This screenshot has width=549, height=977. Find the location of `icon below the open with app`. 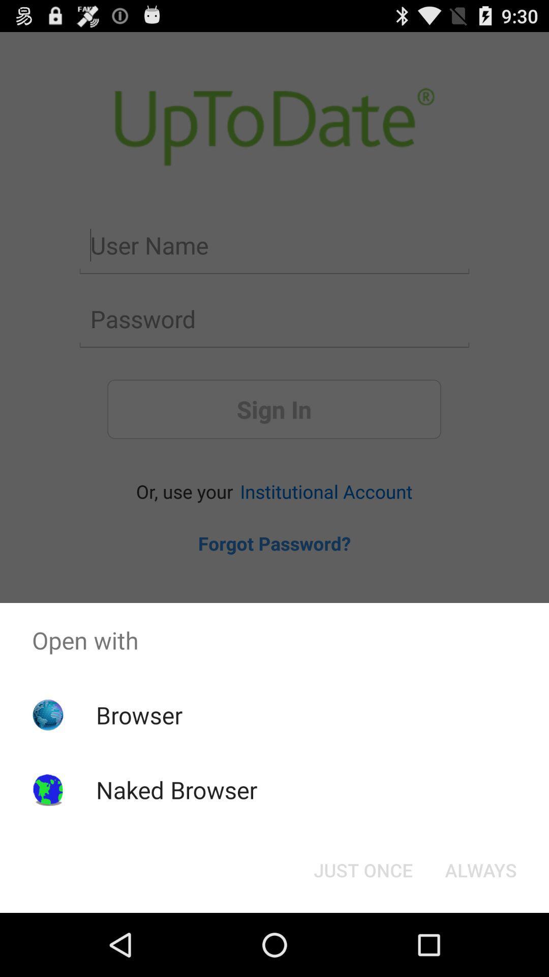

icon below the open with app is located at coordinates (362, 869).